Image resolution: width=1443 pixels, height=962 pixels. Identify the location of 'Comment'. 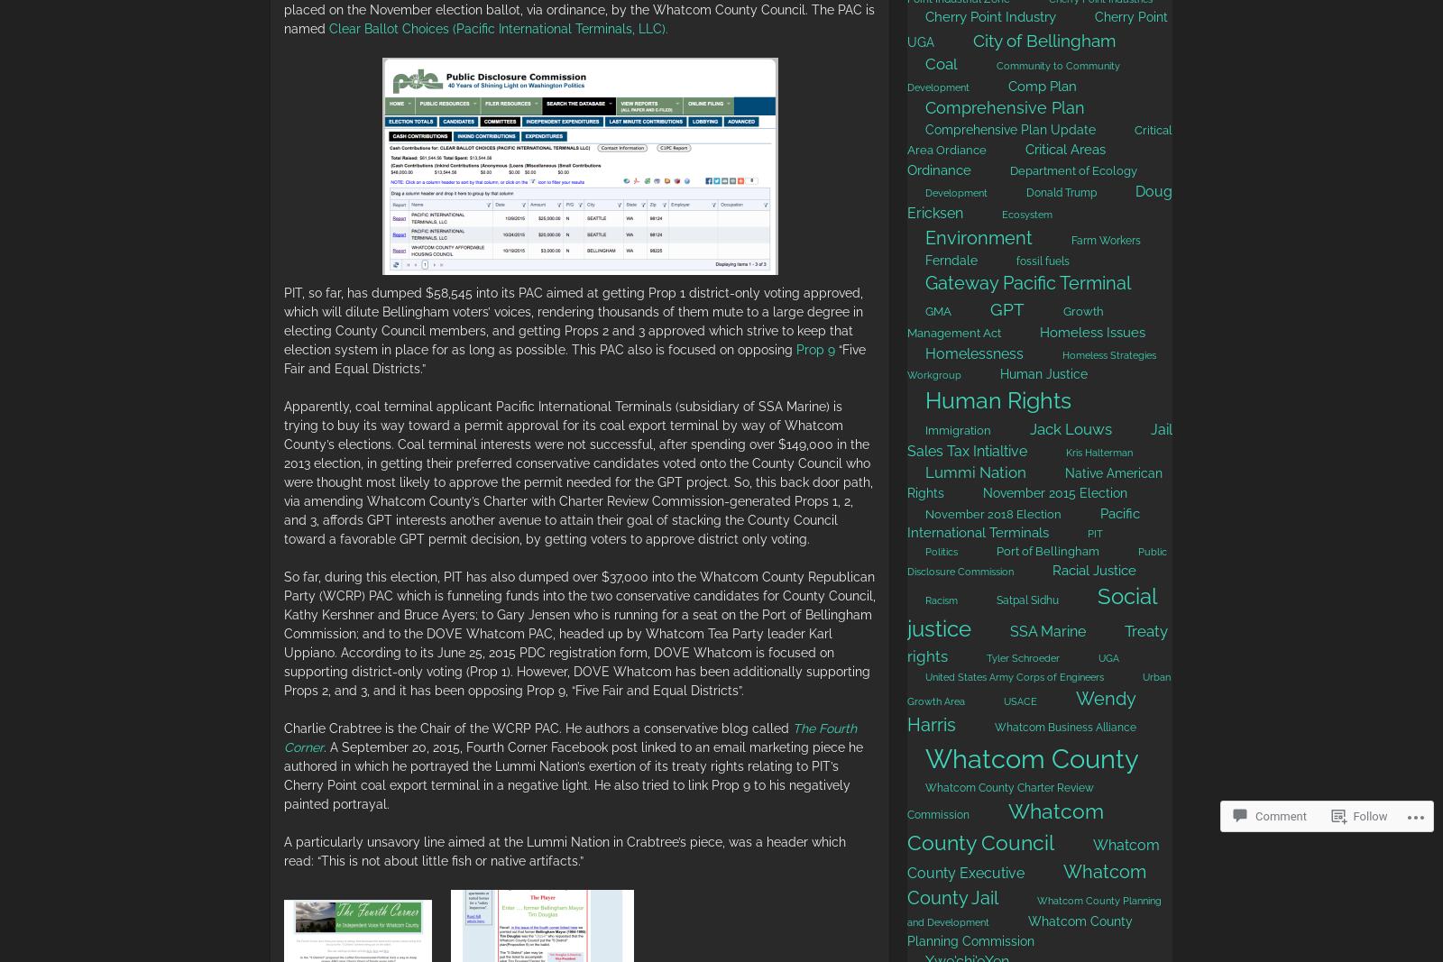
(1281, 816).